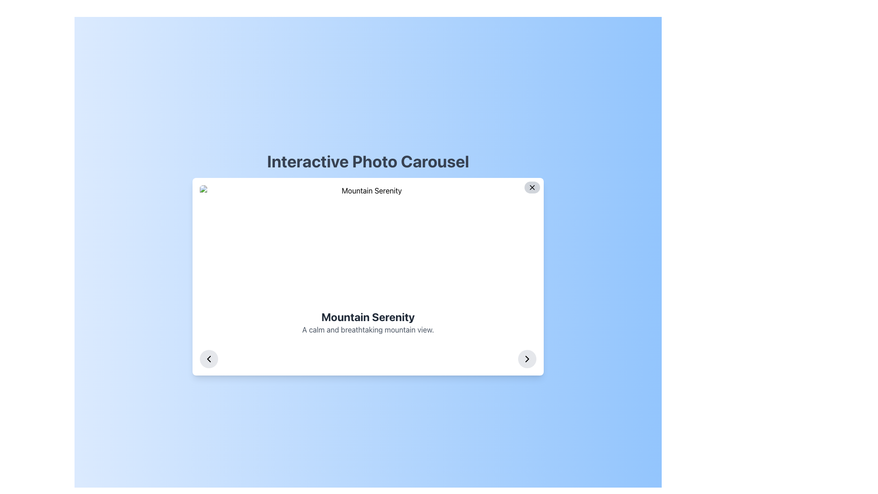 The width and height of the screenshot is (878, 494). What do you see at coordinates (368, 330) in the screenshot?
I see `the text element that appears below the bold title 'Mountain Serenity', styled in a smaller font size on a white background` at bounding box center [368, 330].